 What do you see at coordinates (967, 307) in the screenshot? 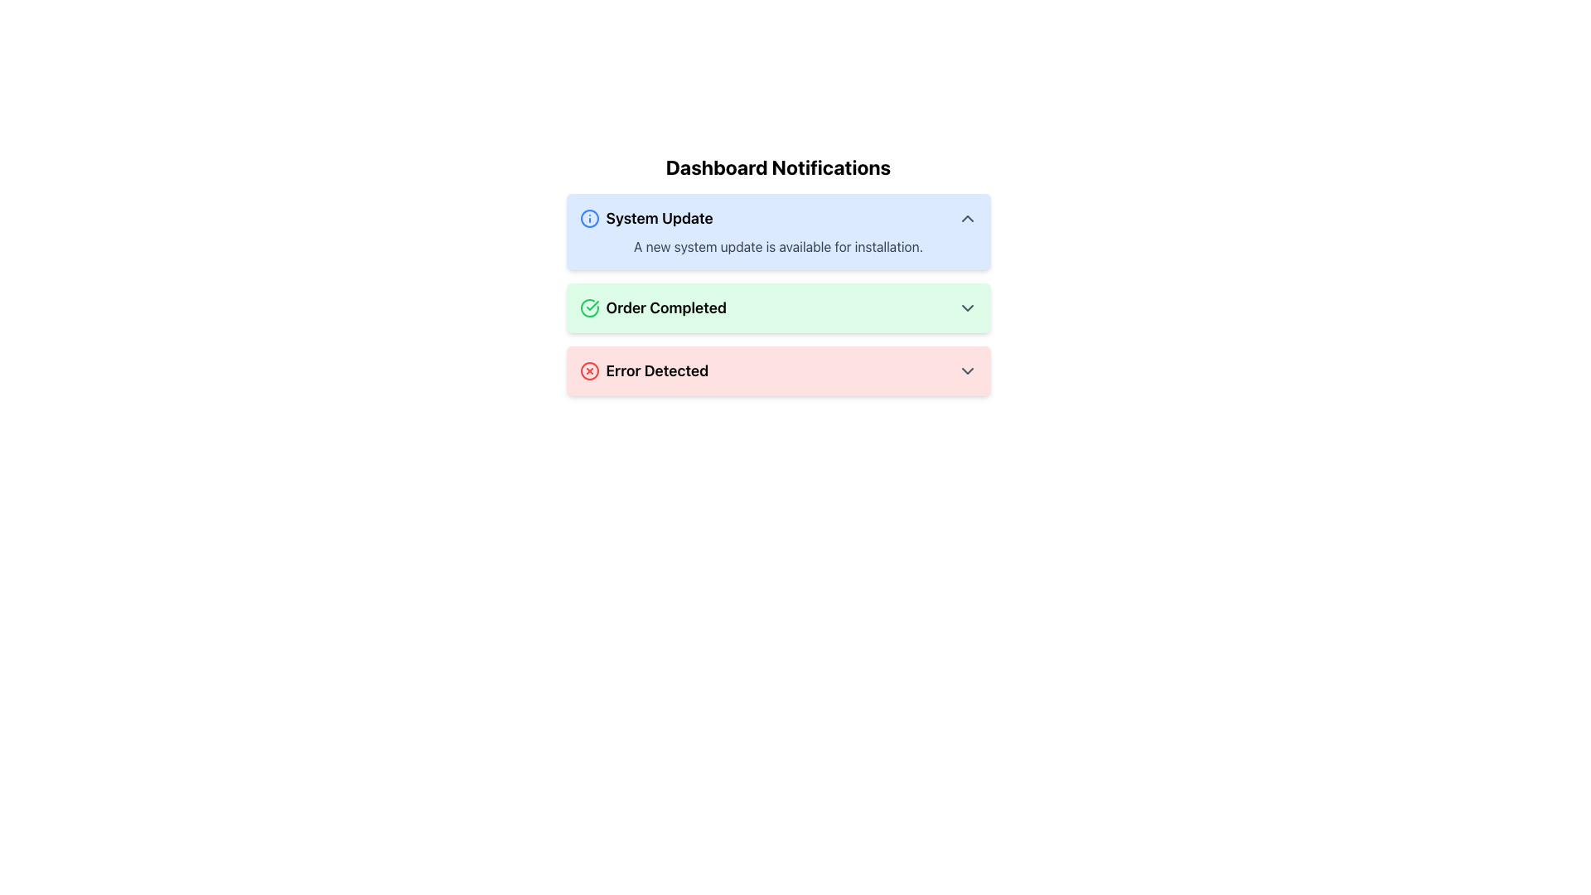
I see `the downward-facing chevron icon on the right side of the 'Order Completed' notification box` at bounding box center [967, 307].